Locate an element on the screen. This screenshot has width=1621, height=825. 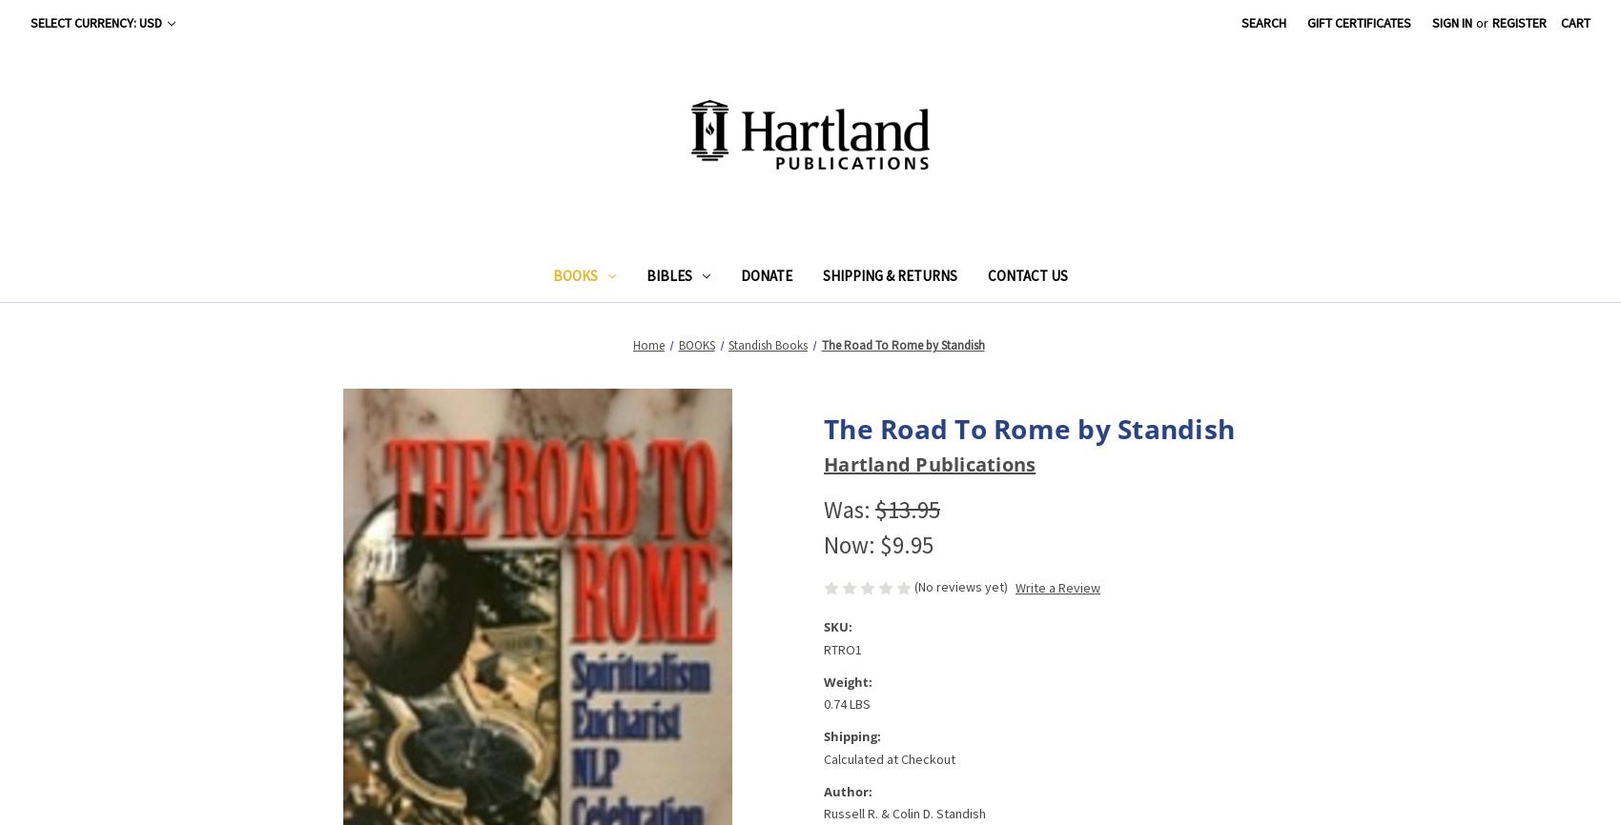
'Shipping & Returns' is located at coordinates (889, 273).